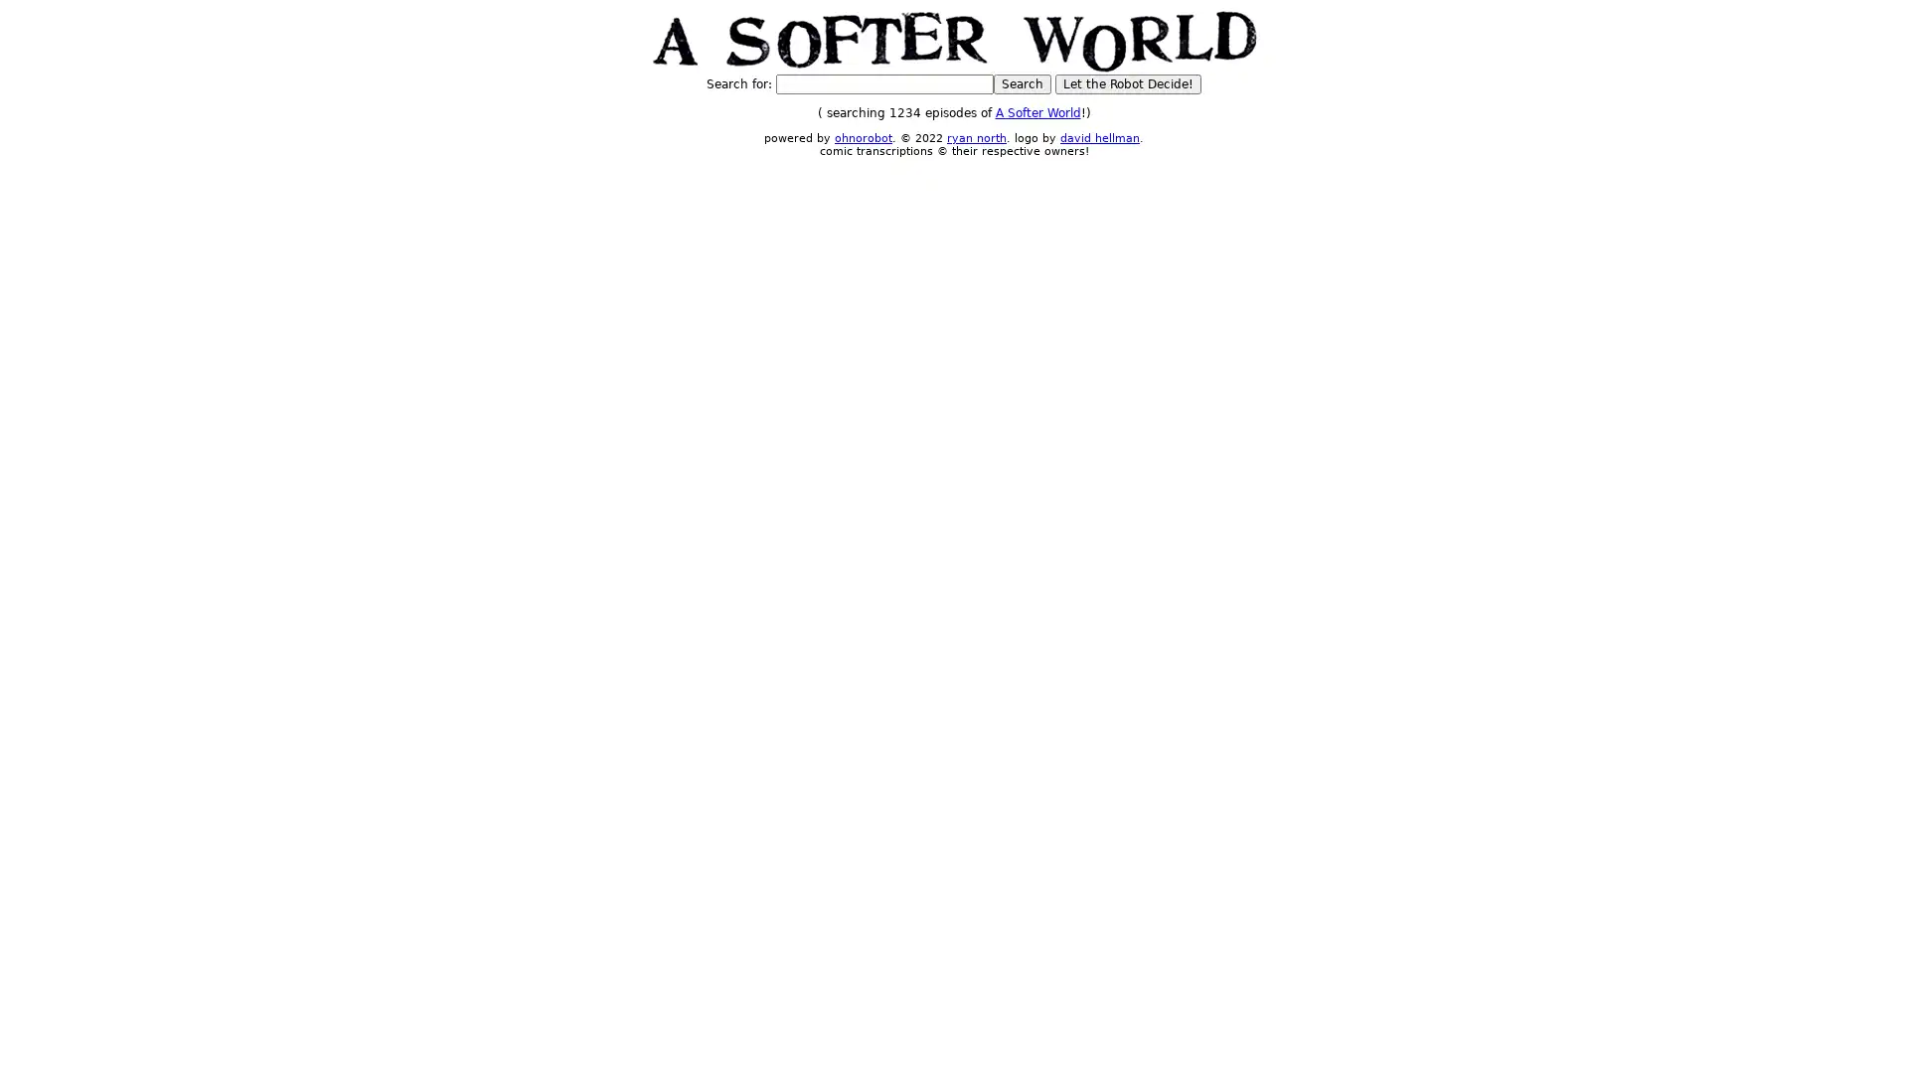 This screenshot has width=1908, height=1073. Describe the element at coordinates (1022, 82) in the screenshot. I see `Search` at that location.